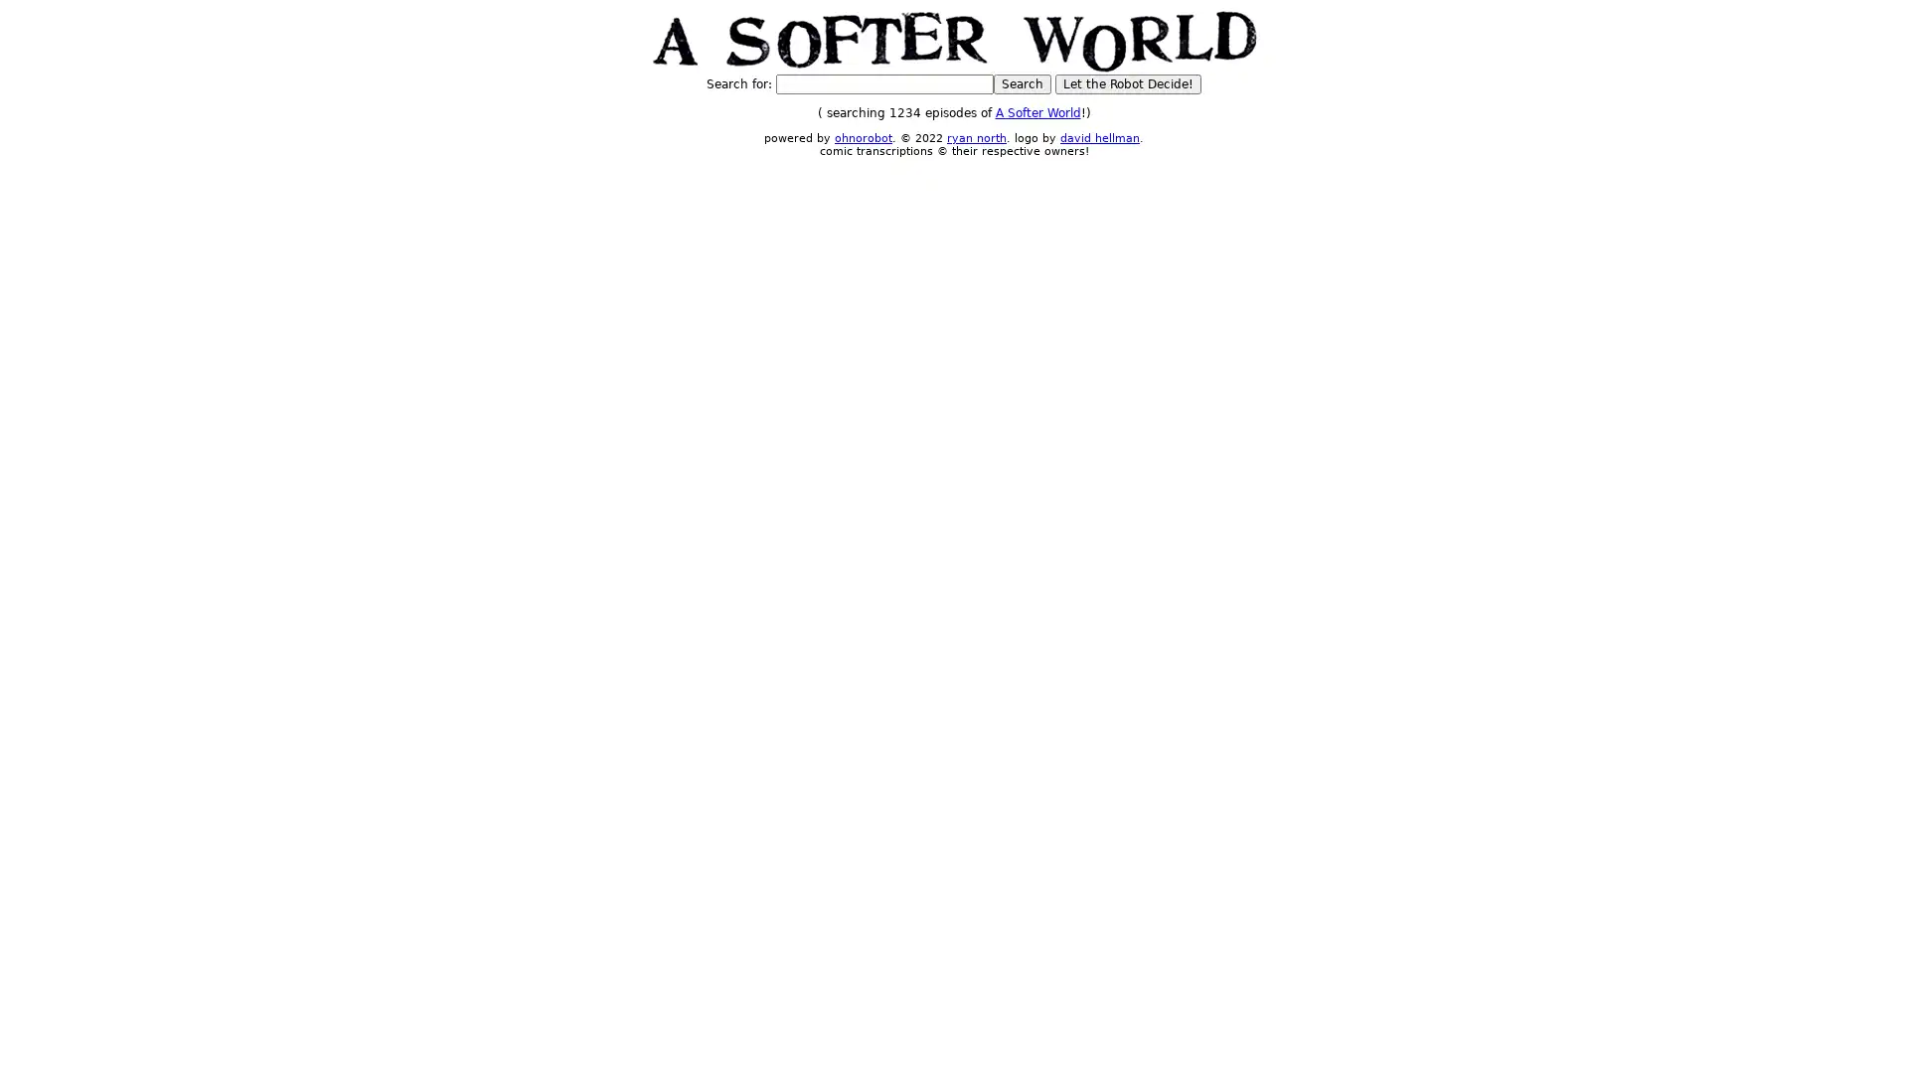 This screenshot has width=1908, height=1073. Describe the element at coordinates (1022, 82) in the screenshot. I see `Search` at that location.